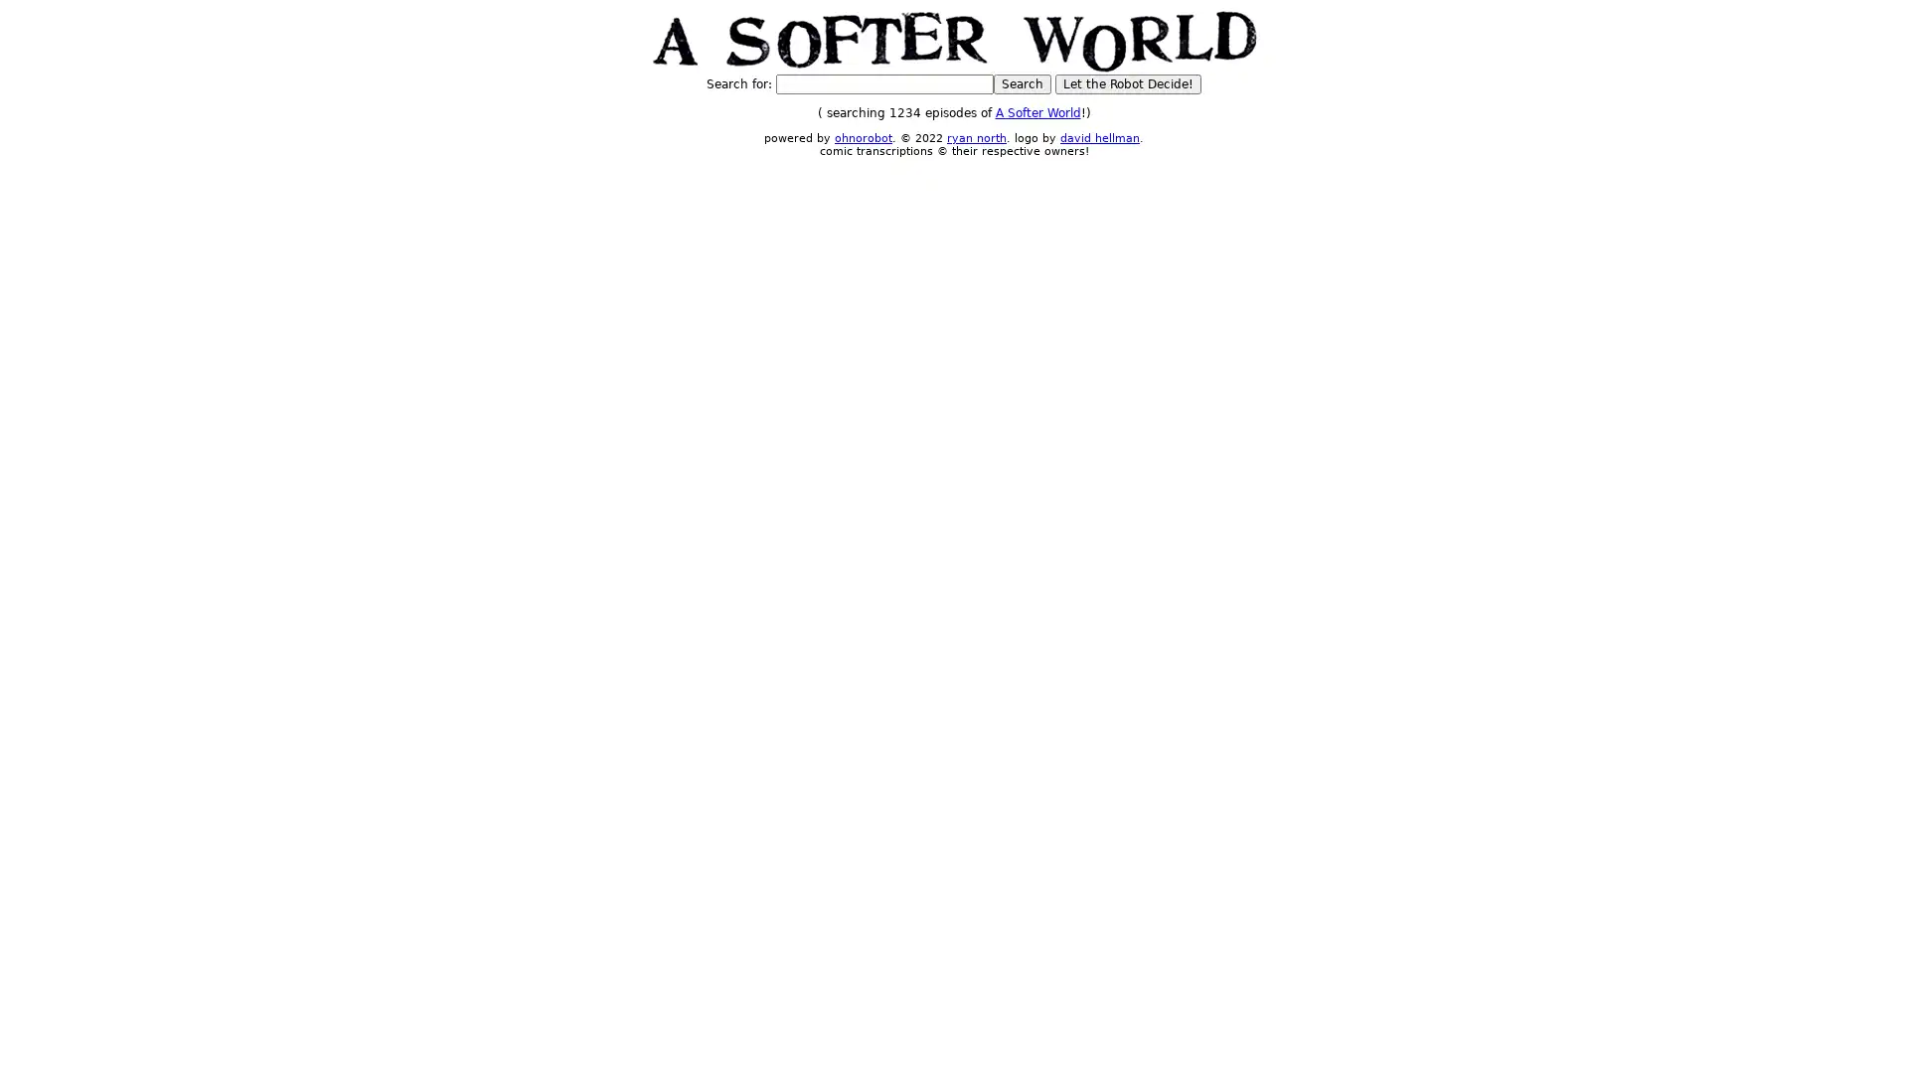 This screenshot has width=1908, height=1073. Describe the element at coordinates (1022, 82) in the screenshot. I see `Search` at that location.